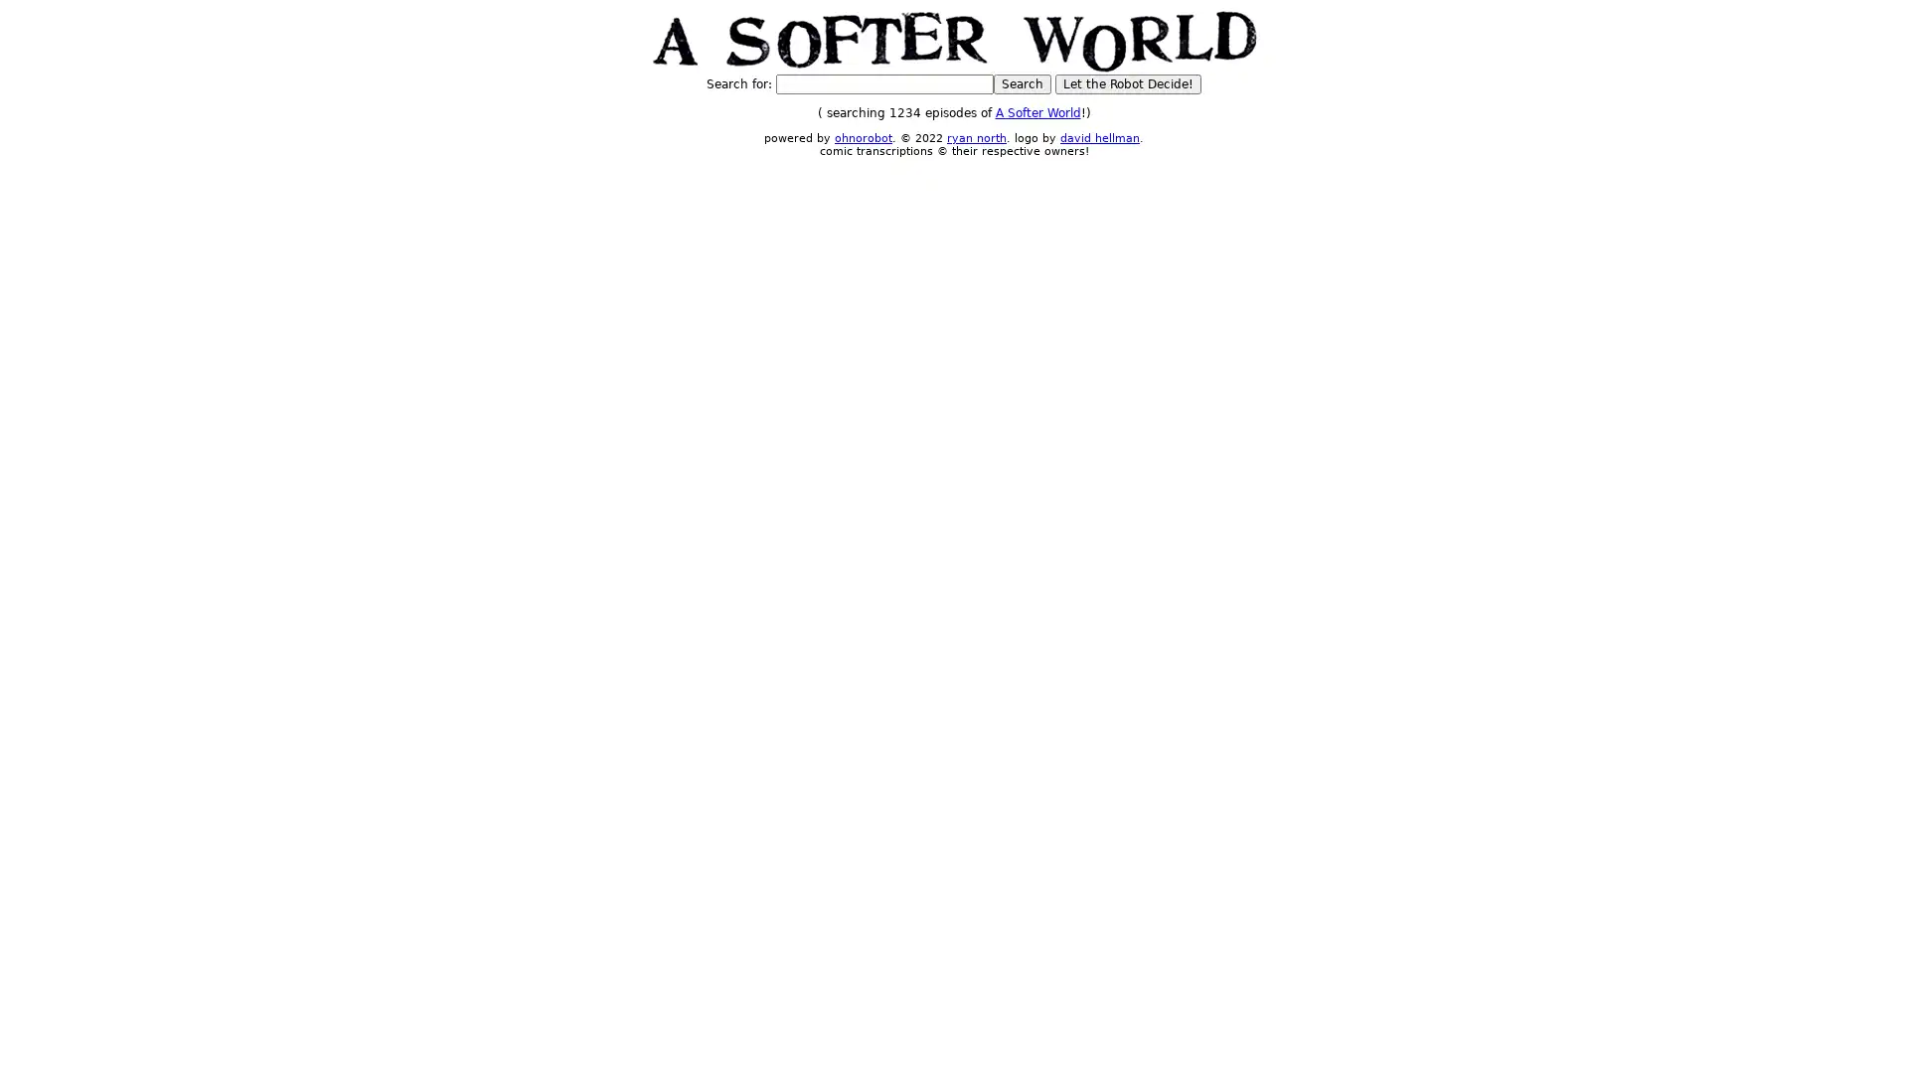 This screenshot has width=1908, height=1073. Describe the element at coordinates (1022, 82) in the screenshot. I see `Search` at that location.